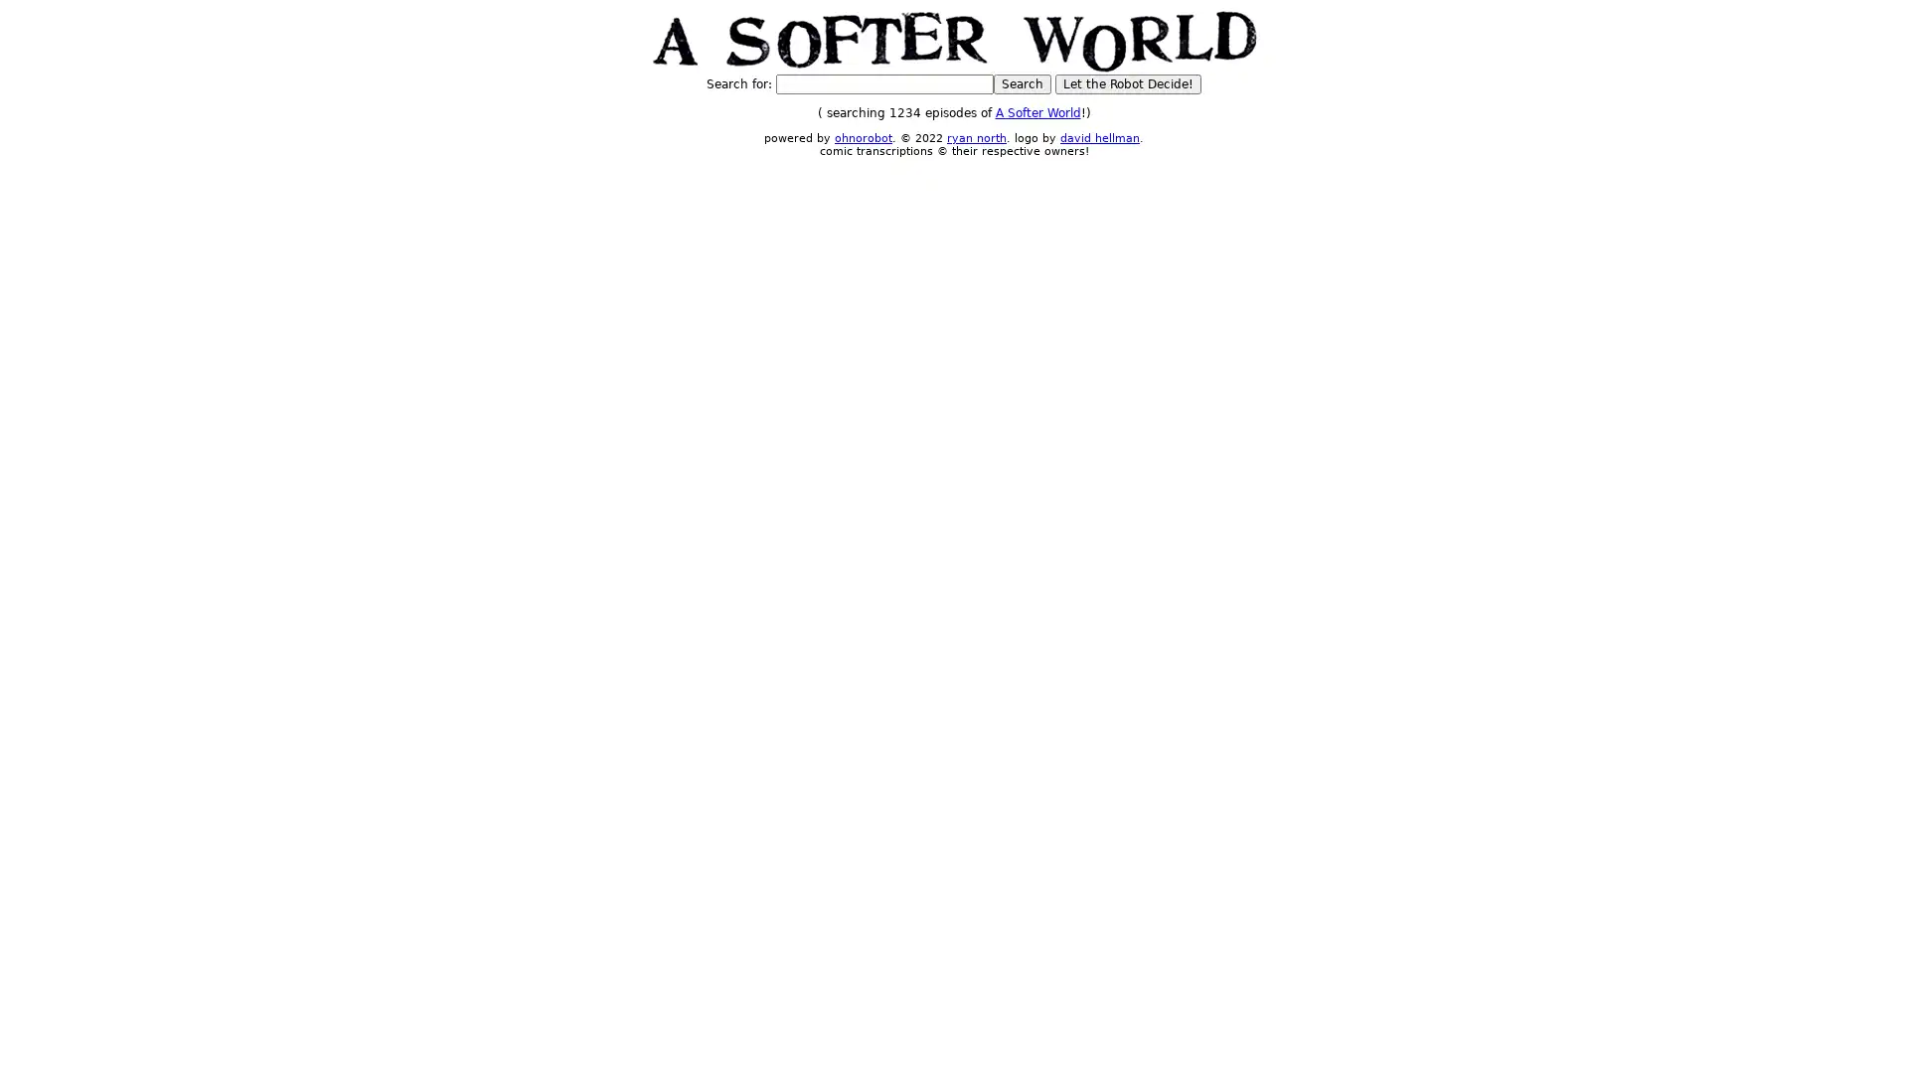 This screenshot has width=1908, height=1073. Describe the element at coordinates (1022, 82) in the screenshot. I see `Search` at that location.